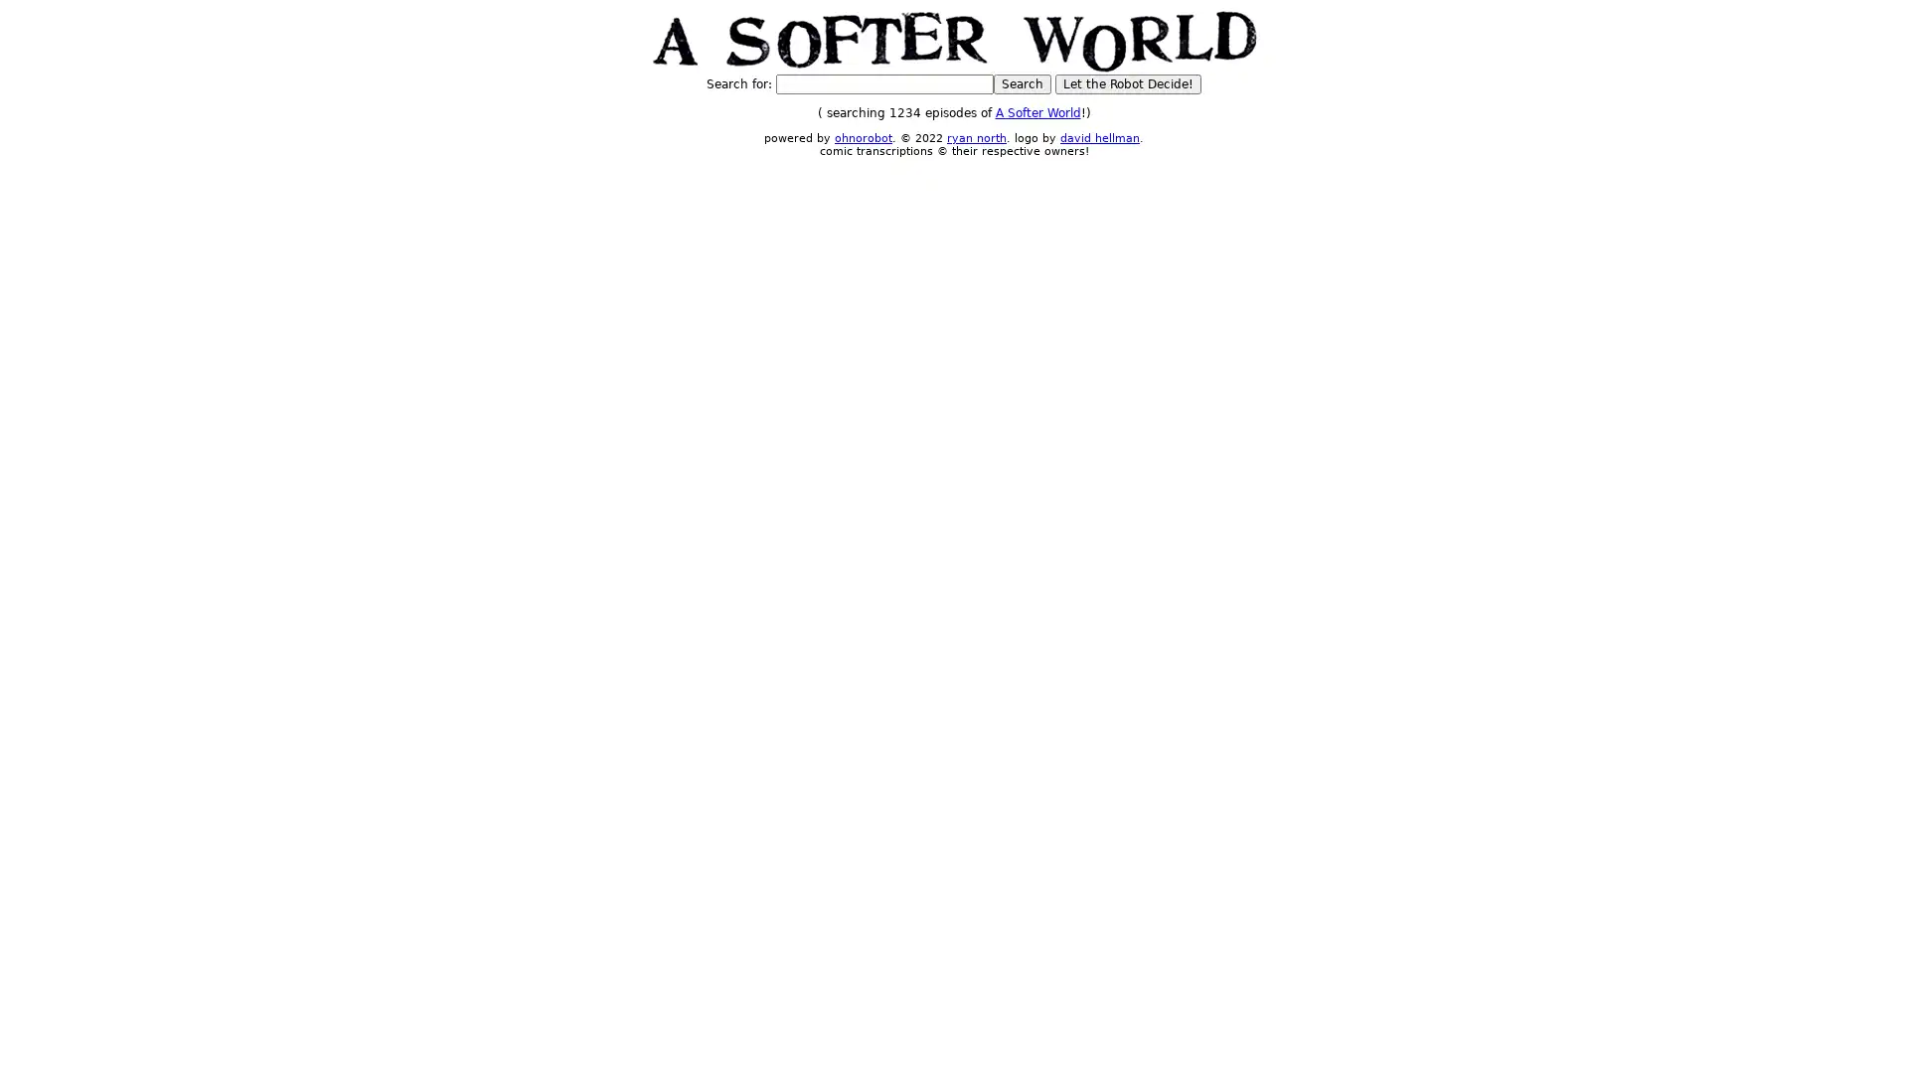 This screenshot has width=1908, height=1073. Describe the element at coordinates (1022, 82) in the screenshot. I see `Search` at that location.